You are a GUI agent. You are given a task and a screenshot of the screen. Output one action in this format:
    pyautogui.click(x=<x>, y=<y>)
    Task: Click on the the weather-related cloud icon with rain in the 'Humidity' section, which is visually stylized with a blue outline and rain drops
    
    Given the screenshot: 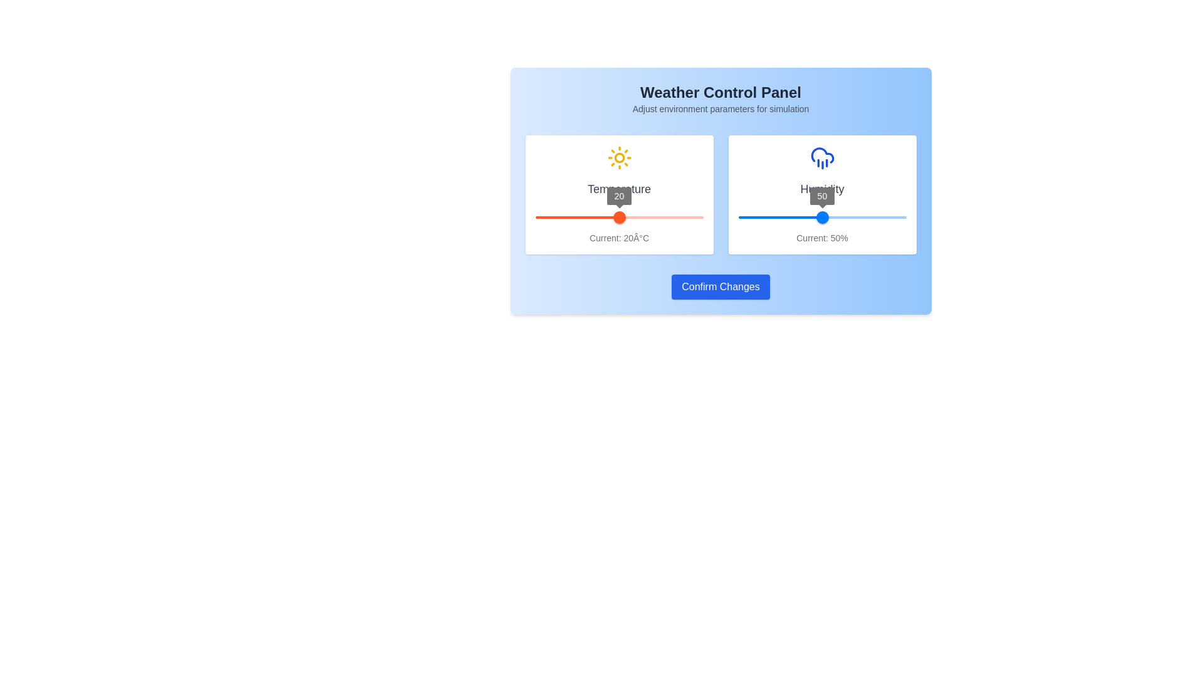 What is the action you would take?
    pyautogui.click(x=822, y=155)
    